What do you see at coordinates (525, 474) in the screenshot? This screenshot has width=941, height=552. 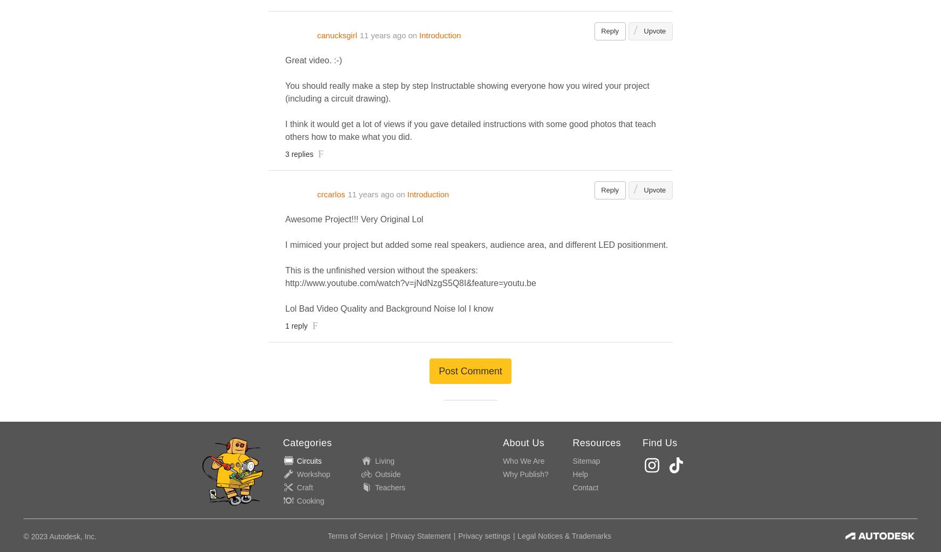 I see `'Why Publish?'` at bounding box center [525, 474].